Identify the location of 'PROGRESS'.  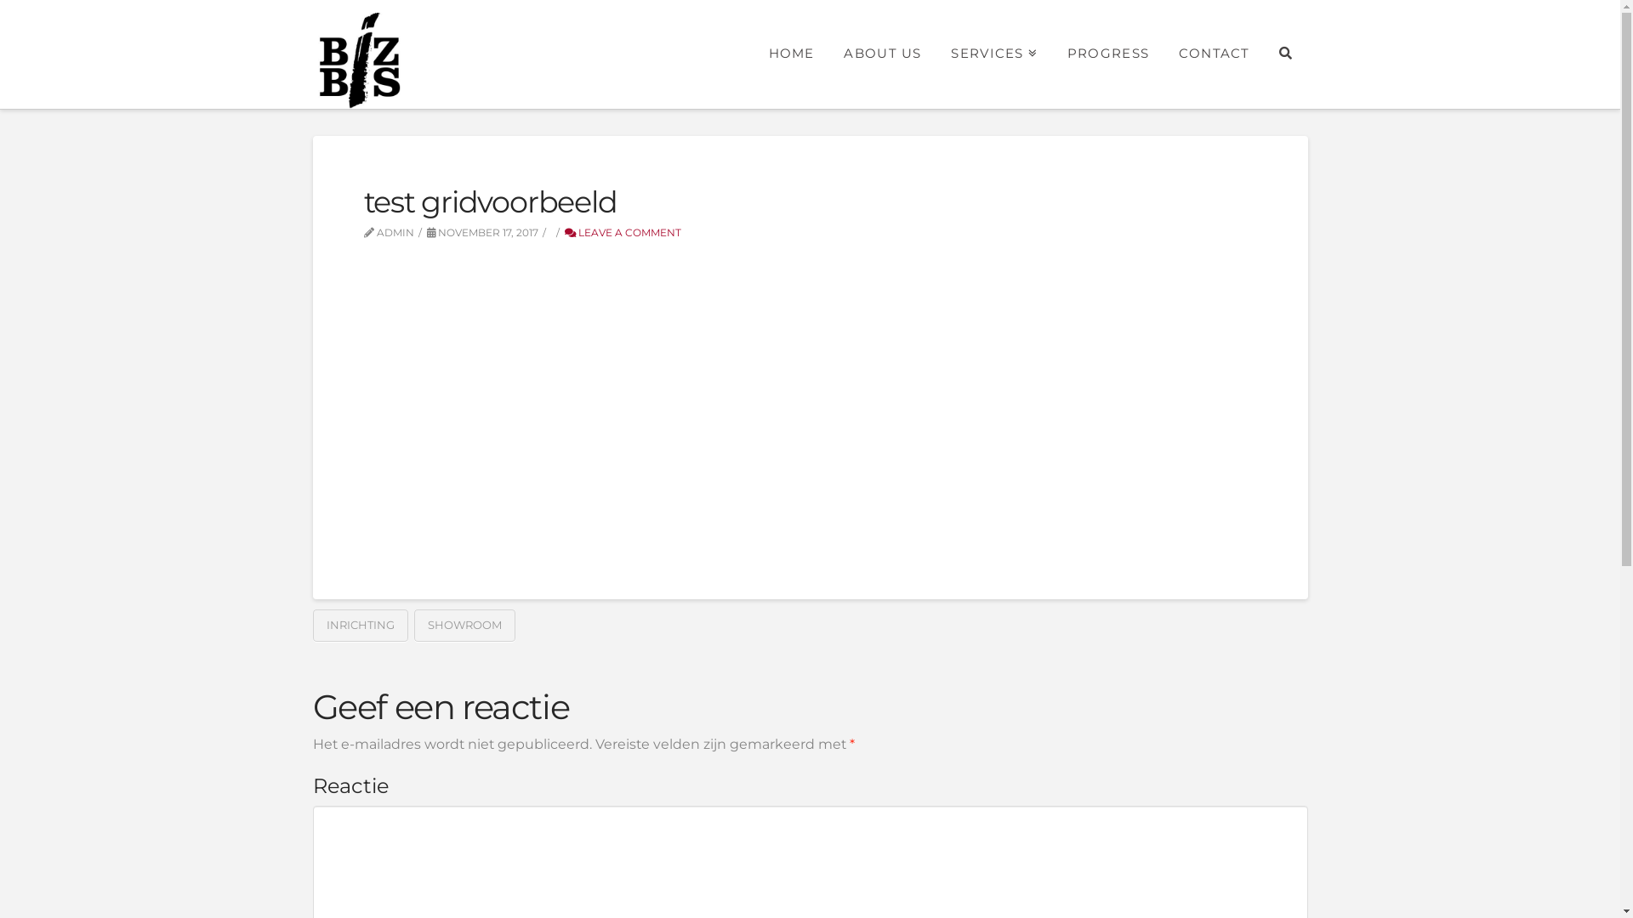
(1107, 50).